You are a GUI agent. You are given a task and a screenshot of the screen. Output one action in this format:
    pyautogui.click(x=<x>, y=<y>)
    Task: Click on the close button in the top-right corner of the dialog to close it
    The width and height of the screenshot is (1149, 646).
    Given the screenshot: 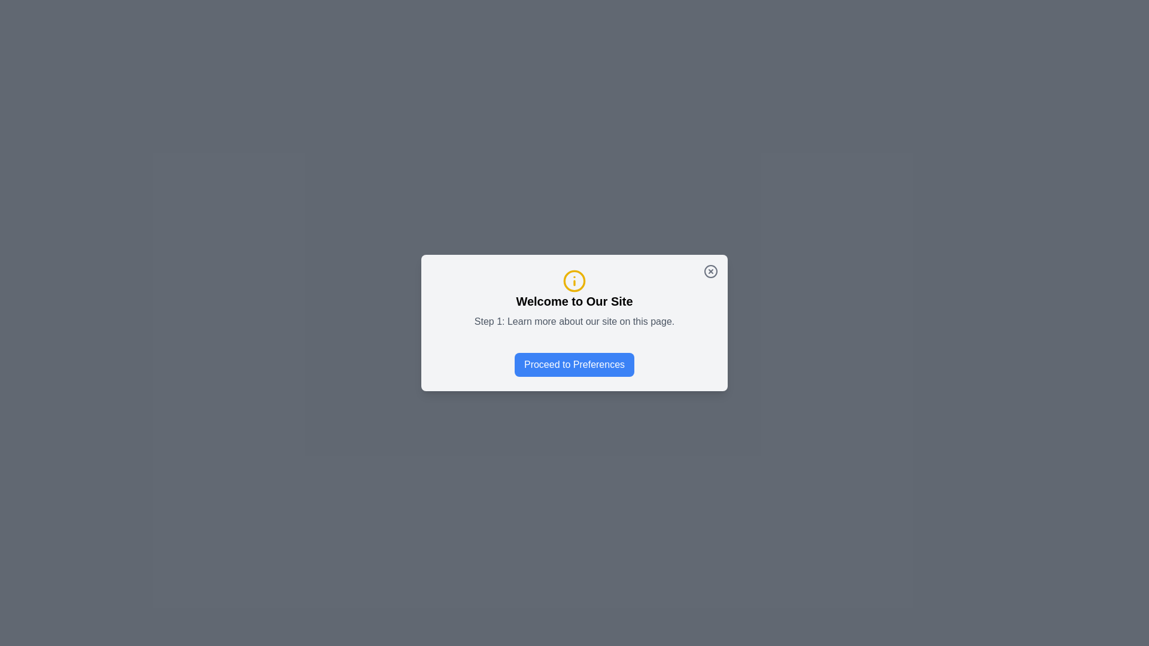 What is the action you would take?
    pyautogui.click(x=711, y=272)
    